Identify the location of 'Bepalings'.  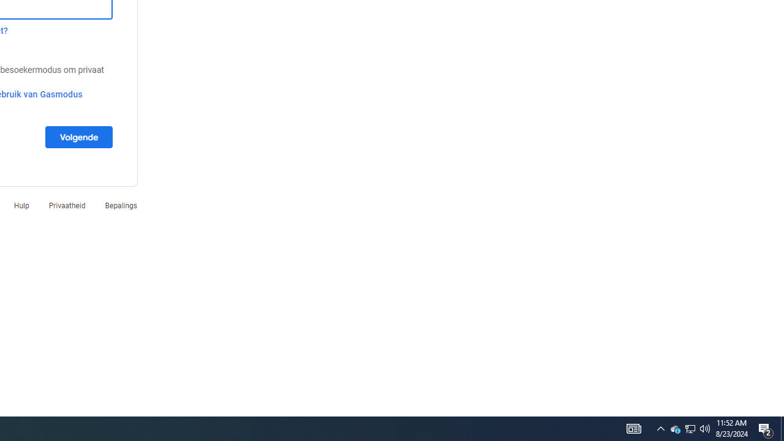
(121, 205).